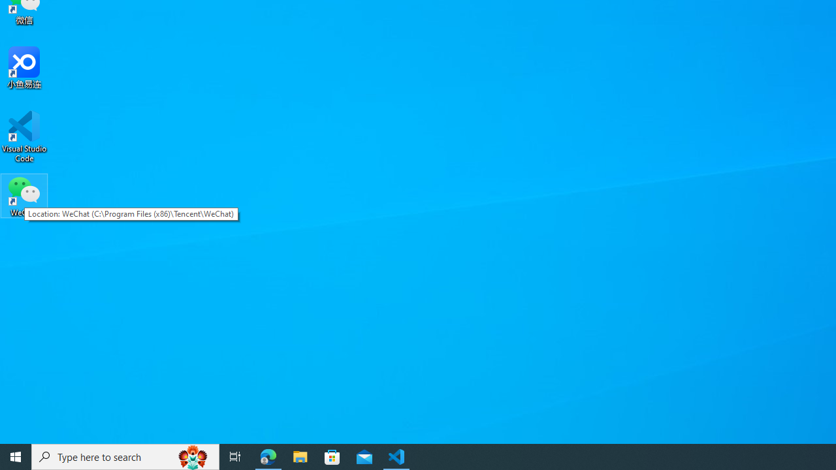 Image resolution: width=836 pixels, height=470 pixels. Describe the element at coordinates (24, 136) in the screenshot. I see `'Visual Studio Code'` at that location.